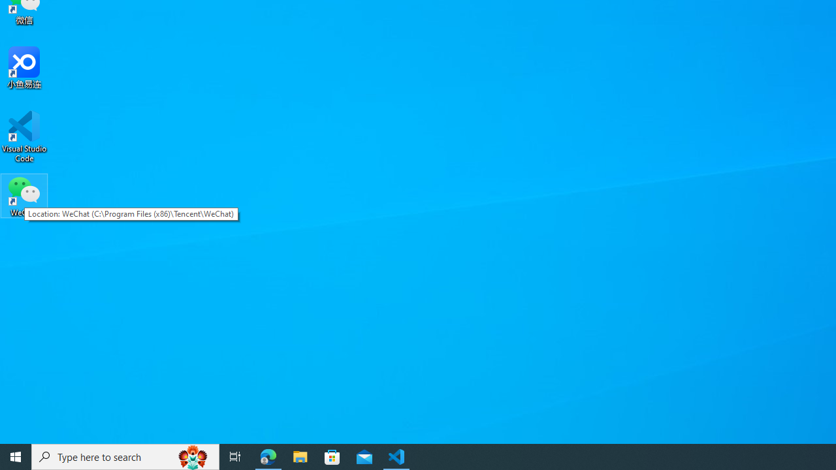 Image resolution: width=836 pixels, height=470 pixels. Describe the element at coordinates (24, 136) in the screenshot. I see `'Visual Studio Code'` at that location.